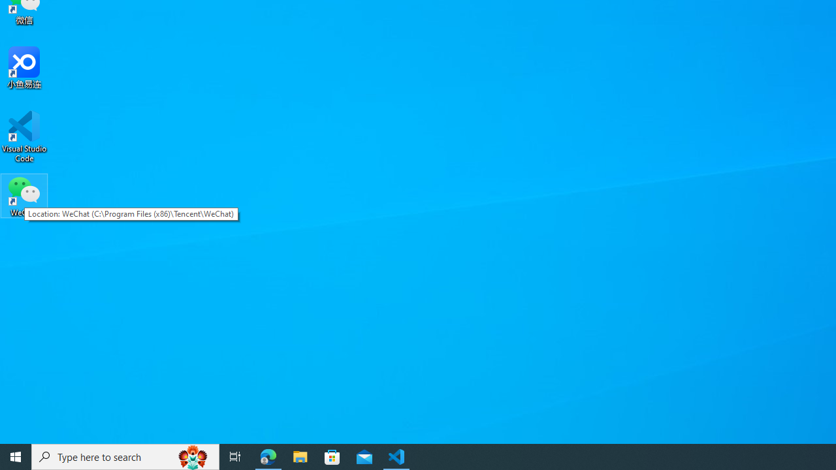 Image resolution: width=836 pixels, height=470 pixels. Describe the element at coordinates (24, 136) in the screenshot. I see `'Visual Studio Code'` at that location.